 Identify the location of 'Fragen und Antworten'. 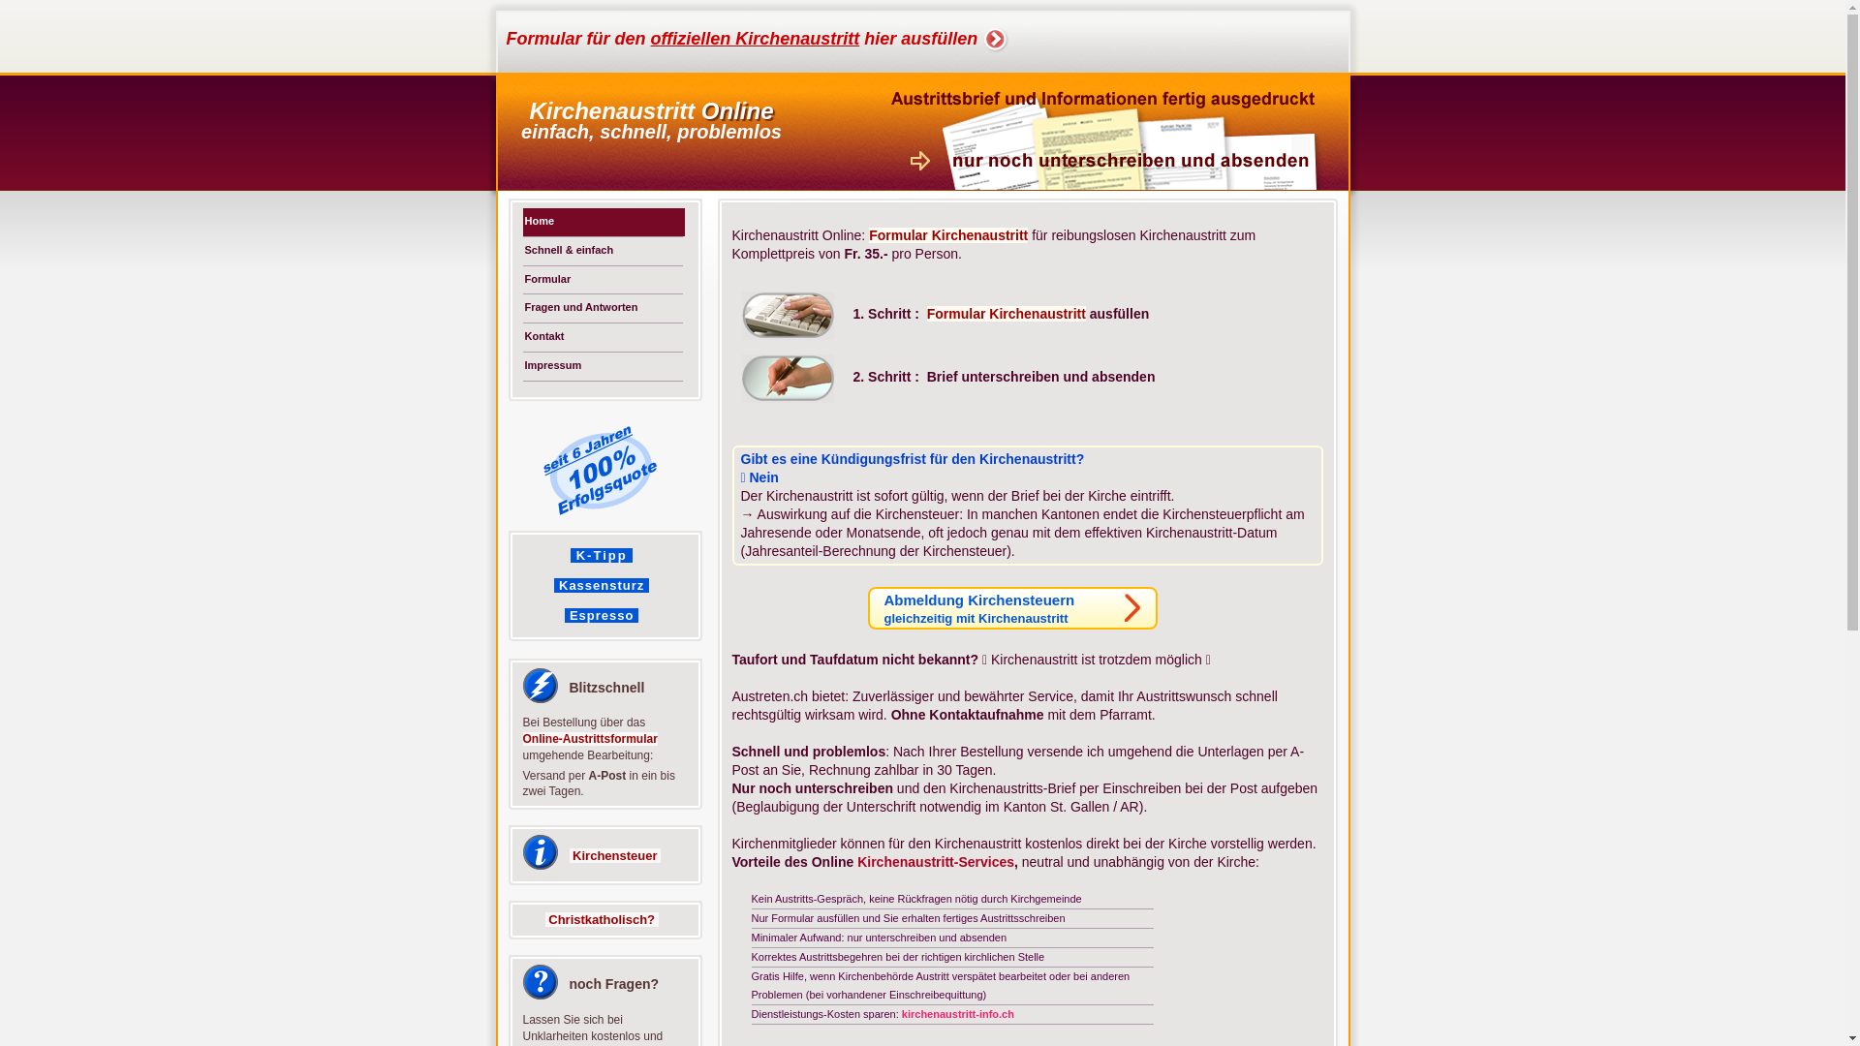
(603, 307).